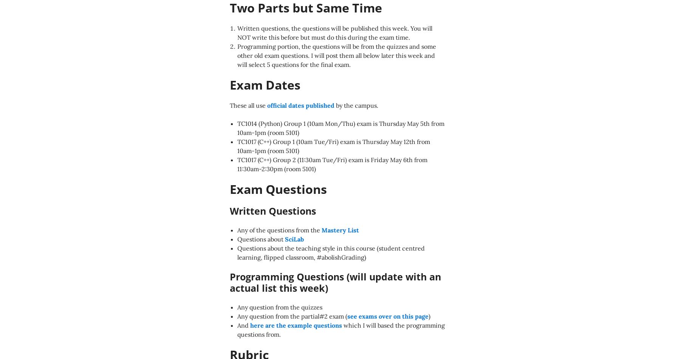 This screenshot has width=675, height=359. Describe the element at coordinates (296, 325) in the screenshot. I see `'here are the example questions'` at that location.